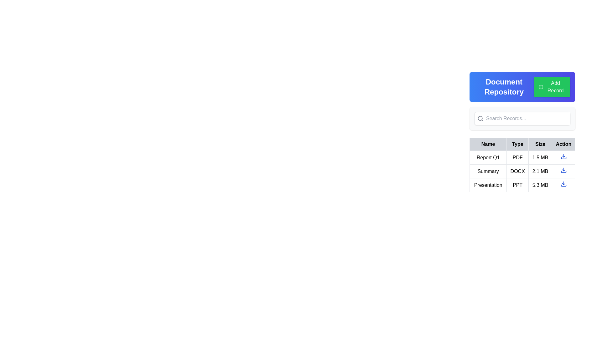 This screenshot has height=338, width=601. Describe the element at coordinates (488, 171) in the screenshot. I see `the 'Summary' text label located within the first cell of a structured table row` at that location.